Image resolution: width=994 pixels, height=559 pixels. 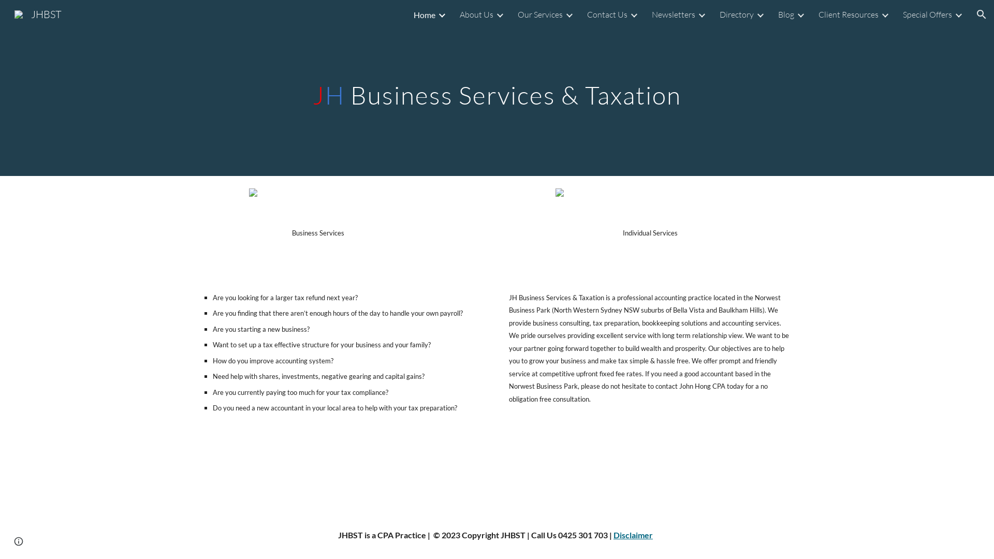 What do you see at coordinates (425, 14) in the screenshot?
I see `'Home'` at bounding box center [425, 14].